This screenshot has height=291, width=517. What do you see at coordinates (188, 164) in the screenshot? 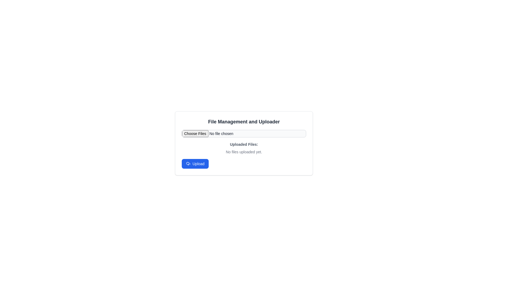
I see `the upload icon, which is the leftmost component of the blue 'Upload' button located at the bottom left of the file upload section` at bounding box center [188, 164].